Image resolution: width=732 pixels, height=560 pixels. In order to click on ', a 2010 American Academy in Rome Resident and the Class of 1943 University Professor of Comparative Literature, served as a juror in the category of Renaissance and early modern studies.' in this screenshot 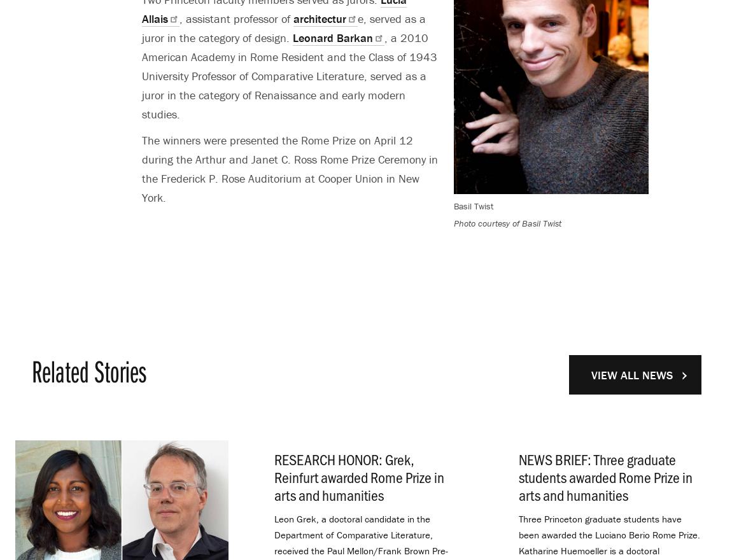, I will do `click(290, 75)`.